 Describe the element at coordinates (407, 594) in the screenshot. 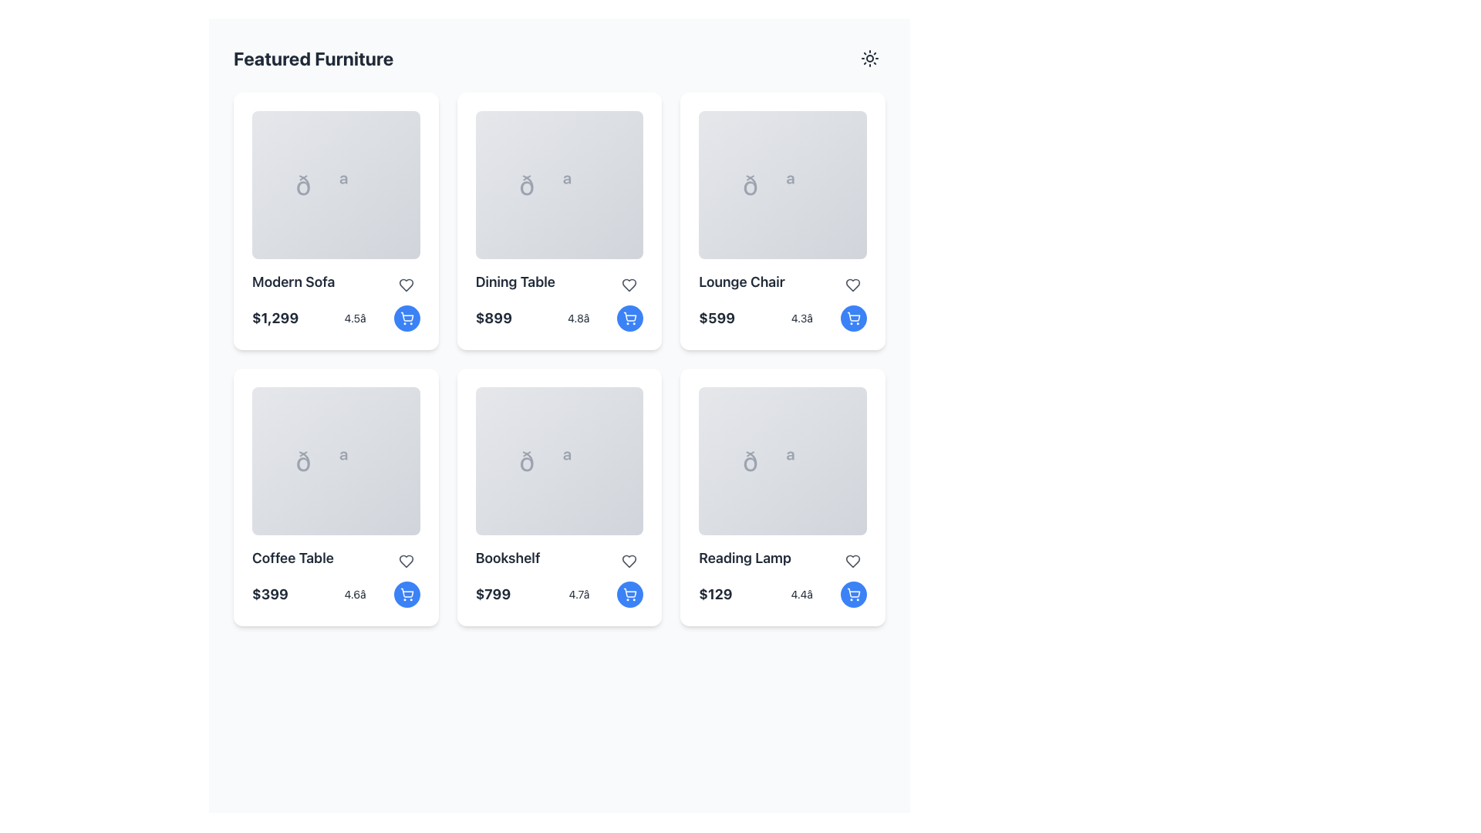

I see `the circular blue button with a white shopping cart icon at the bottom-right corner of the 'Coffee Table' product card` at that location.